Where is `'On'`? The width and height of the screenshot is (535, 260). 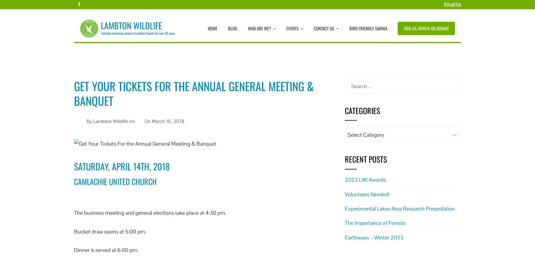
'On' is located at coordinates (148, 121).